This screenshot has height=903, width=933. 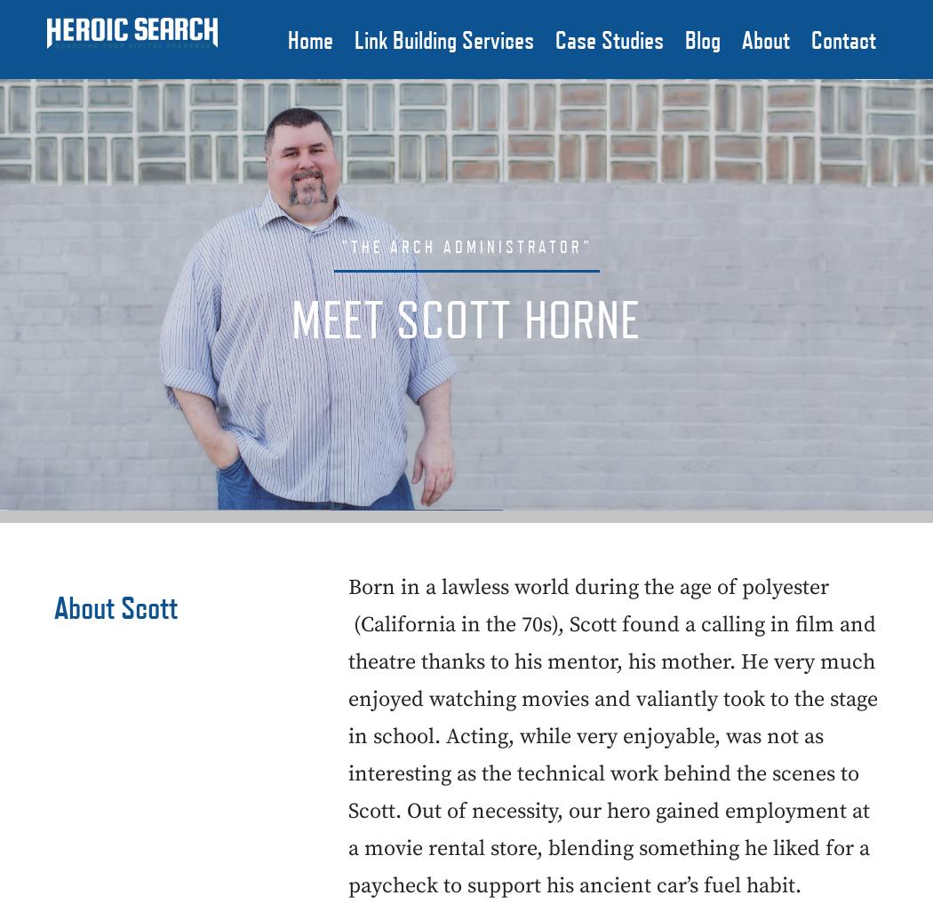 What do you see at coordinates (491, 203) in the screenshot?
I see `'Enterprise Link Building Services'` at bounding box center [491, 203].